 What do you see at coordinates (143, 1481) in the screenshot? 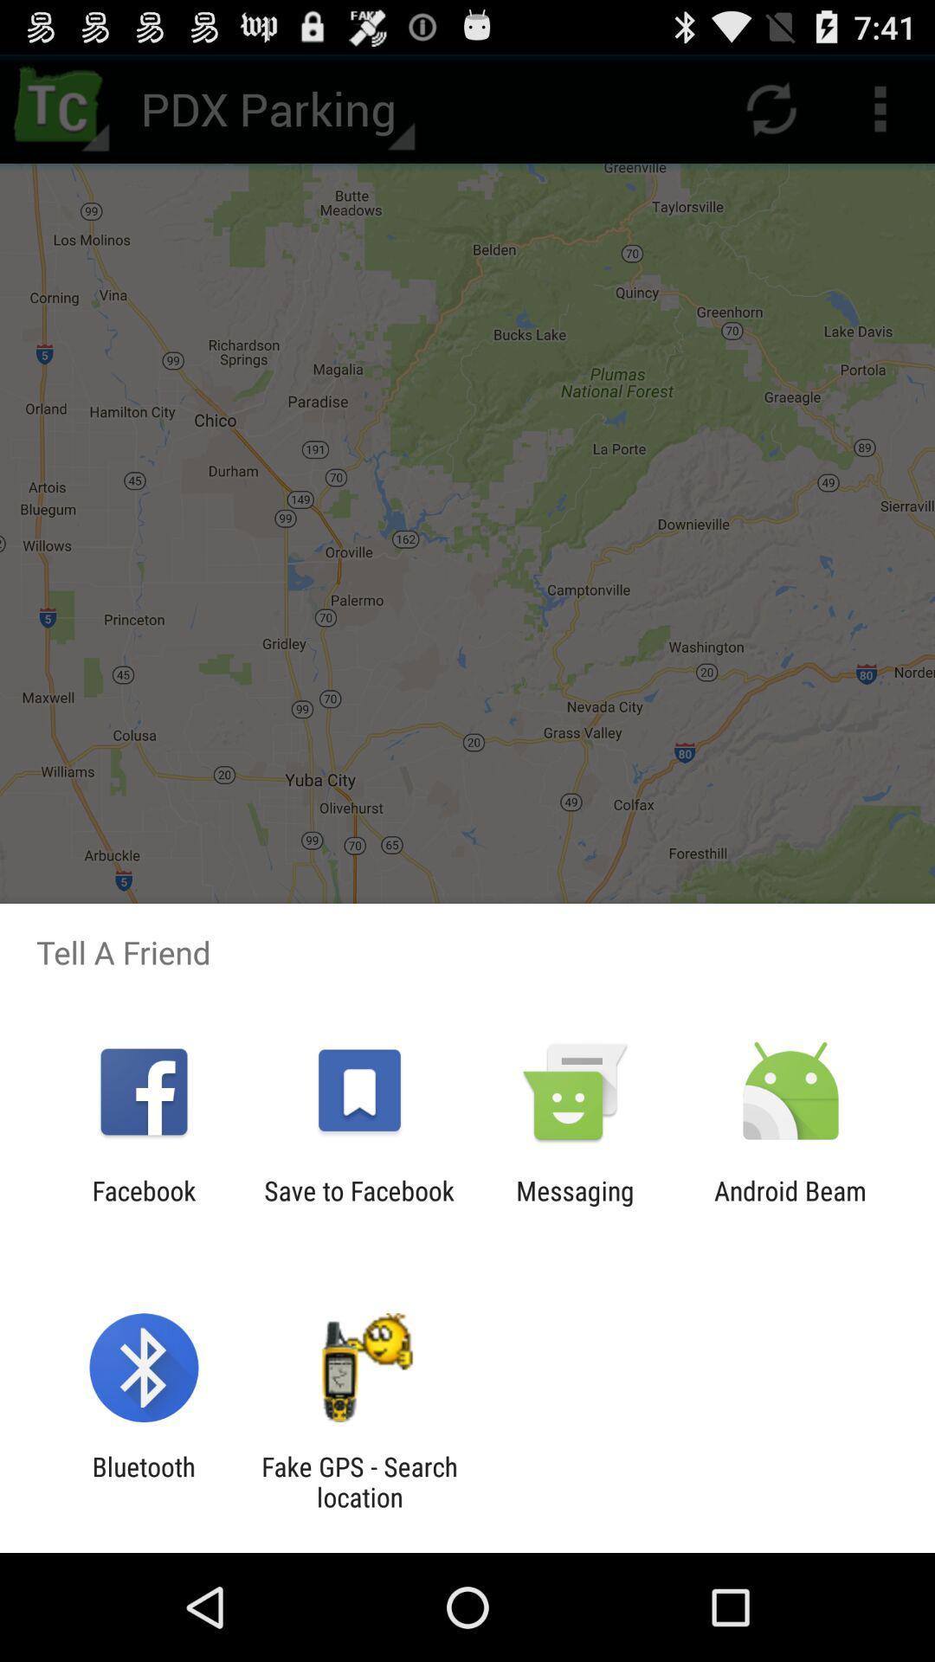
I see `the icon next to fake gps search` at bounding box center [143, 1481].